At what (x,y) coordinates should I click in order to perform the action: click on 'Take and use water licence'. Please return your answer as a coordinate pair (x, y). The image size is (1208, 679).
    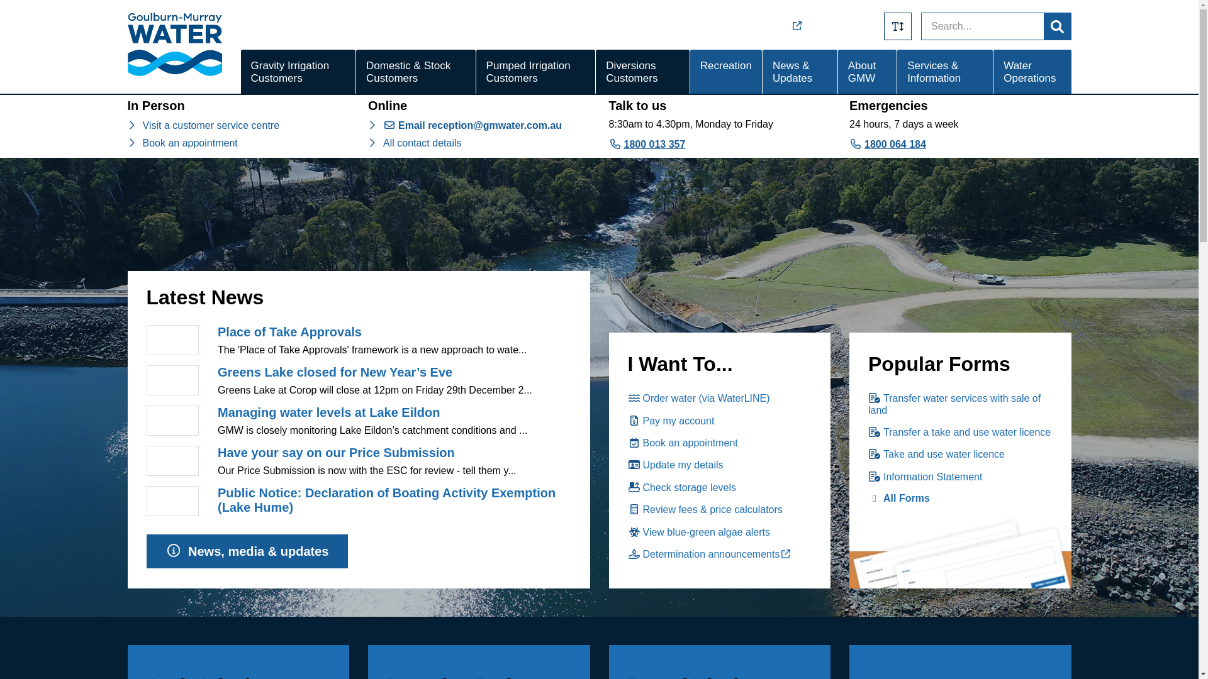
    Looking at the image, I should click on (868, 454).